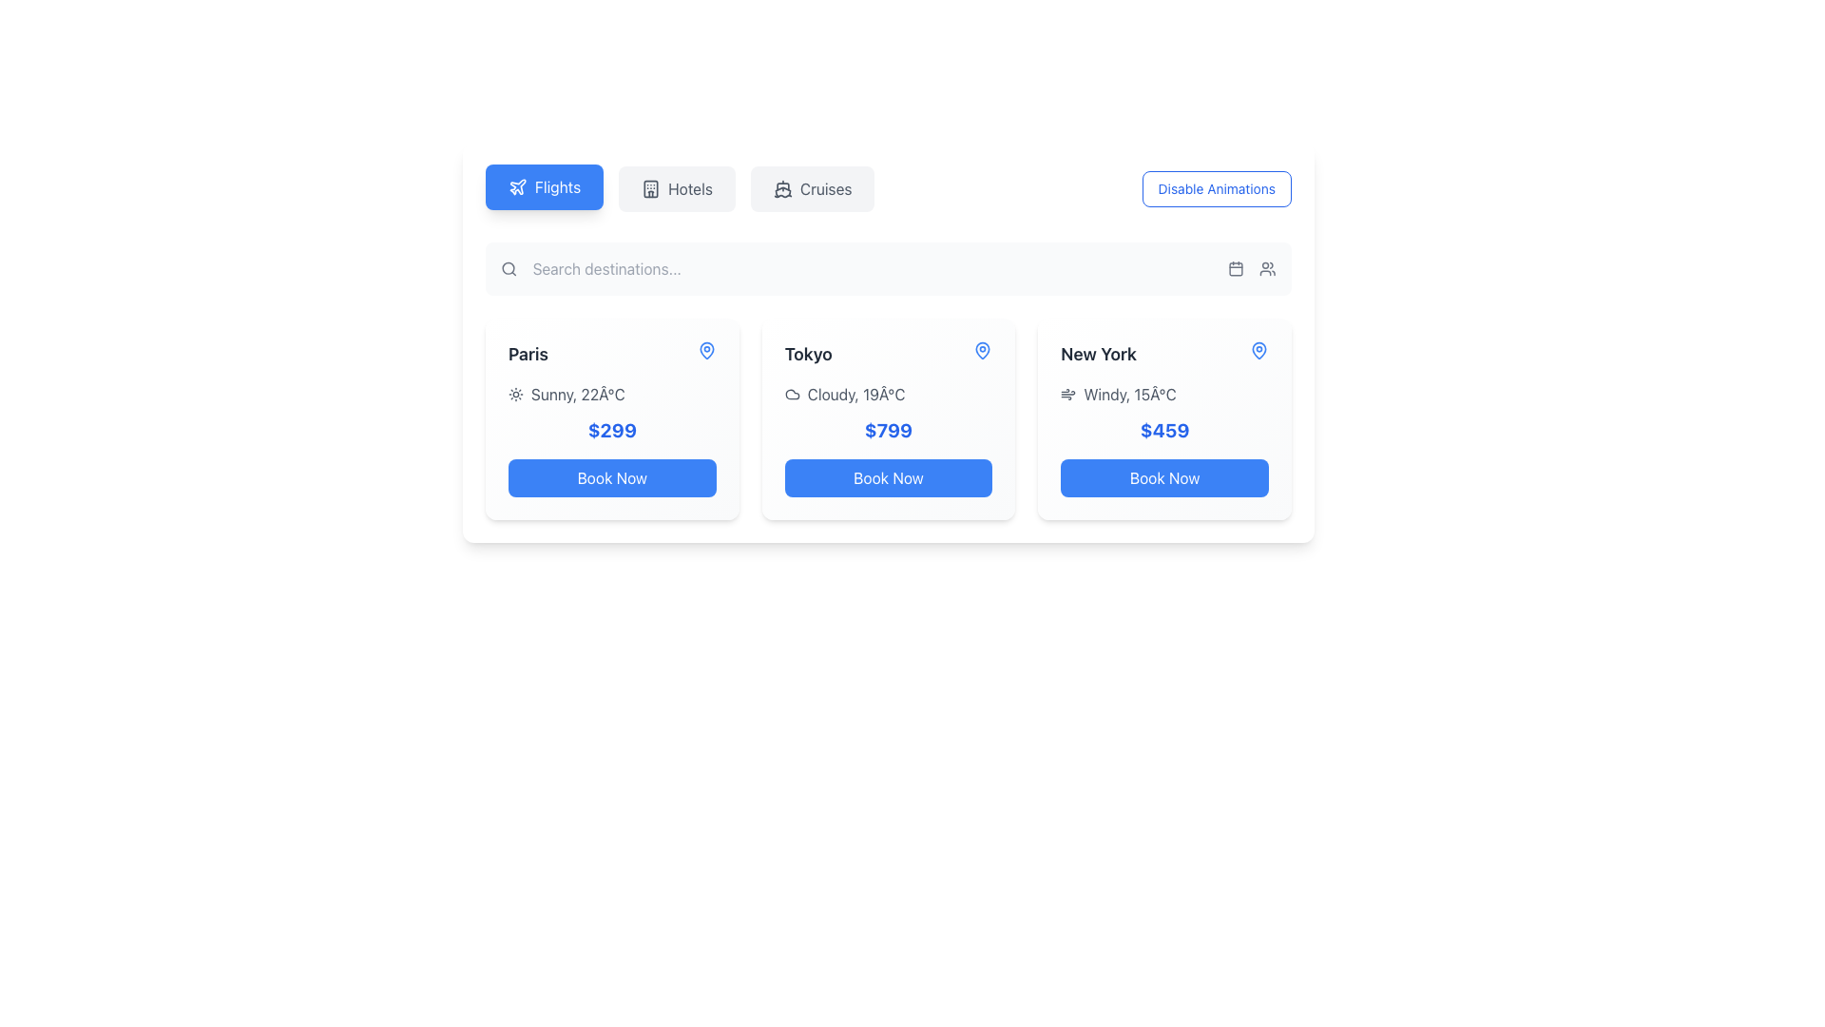 This screenshot has width=1825, height=1027. I want to click on the icon depicting two user silhouettes, which is the last of three icons in a horizontal row located in the upper-right portion of the toolbar, so click(1268, 268).